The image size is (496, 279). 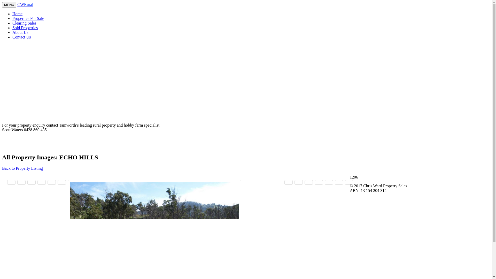 What do you see at coordinates (12, 13) in the screenshot?
I see `'Home'` at bounding box center [12, 13].